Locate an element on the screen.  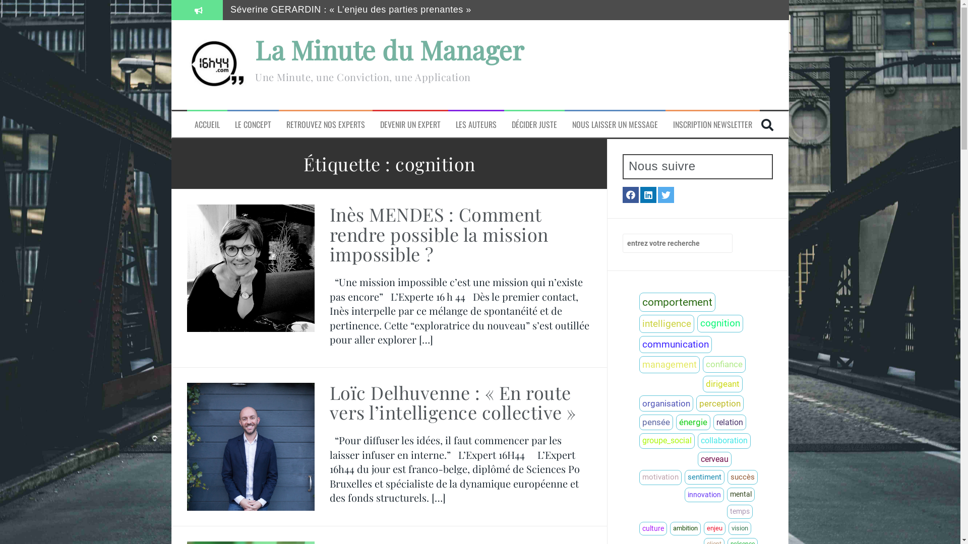
'La Minute du Manager' is located at coordinates (389, 49).